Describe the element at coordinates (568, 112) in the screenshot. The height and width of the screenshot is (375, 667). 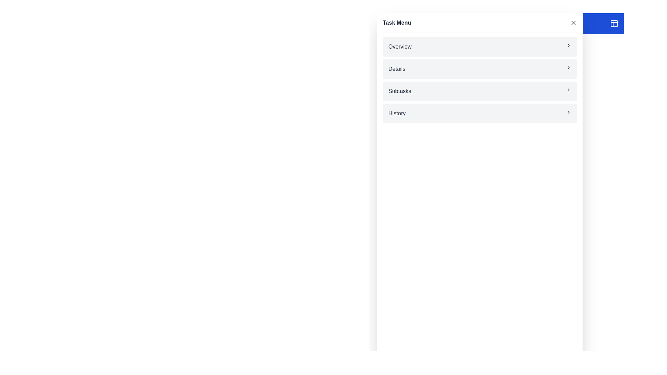
I see `the Chevron icon located at the far right of the 'History' entry in the 'Task Menu', indicating navigation to additional details` at that location.